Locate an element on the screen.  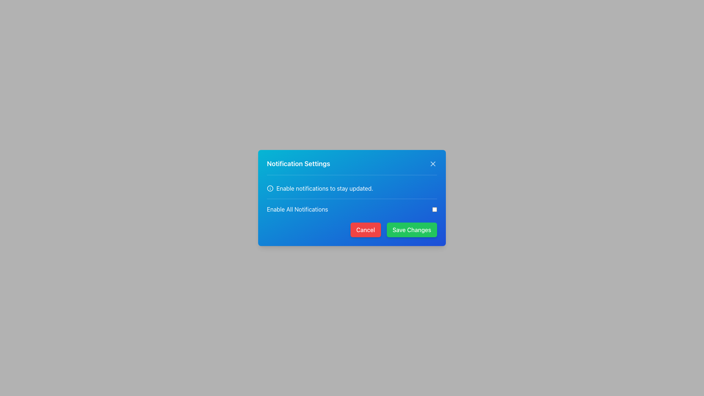
the small cross icon ('X') button located in the top-right corner of the 'Notification Settings' modal window is located at coordinates (433, 164).